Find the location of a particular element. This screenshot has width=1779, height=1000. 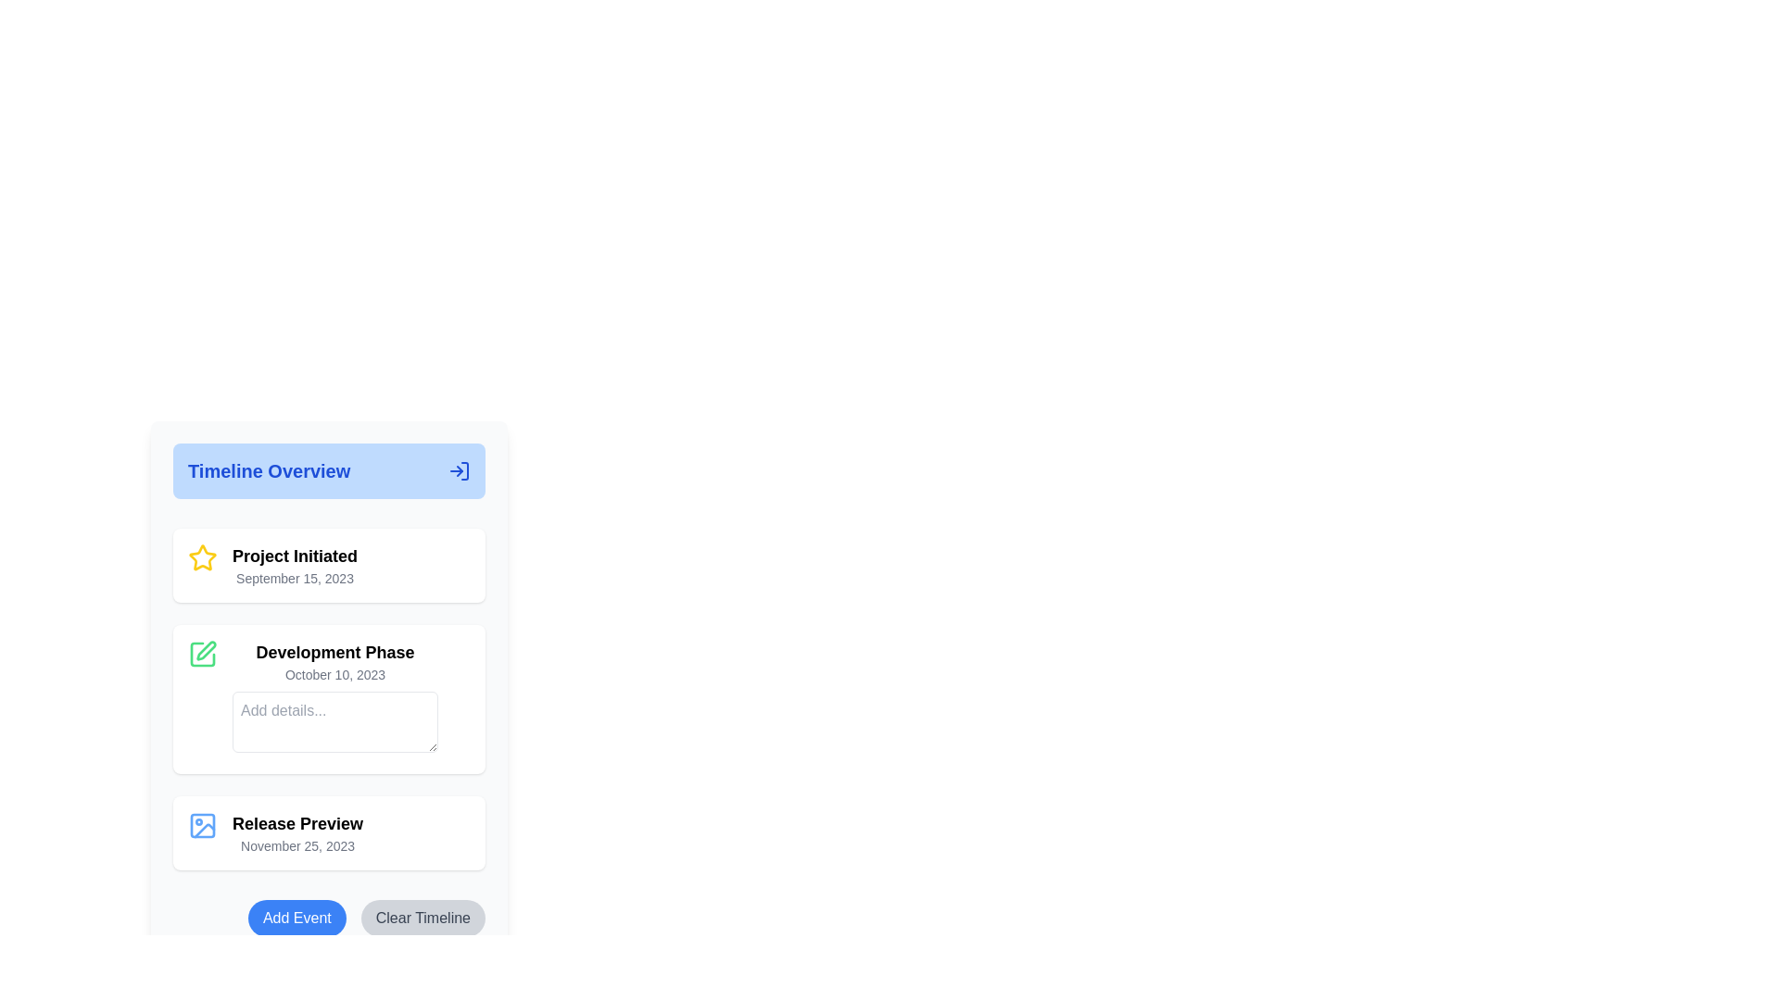

the button that allows users to add a new event to the timeline, positioned on the left side of the lower section of the interface is located at coordinates (296, 918).